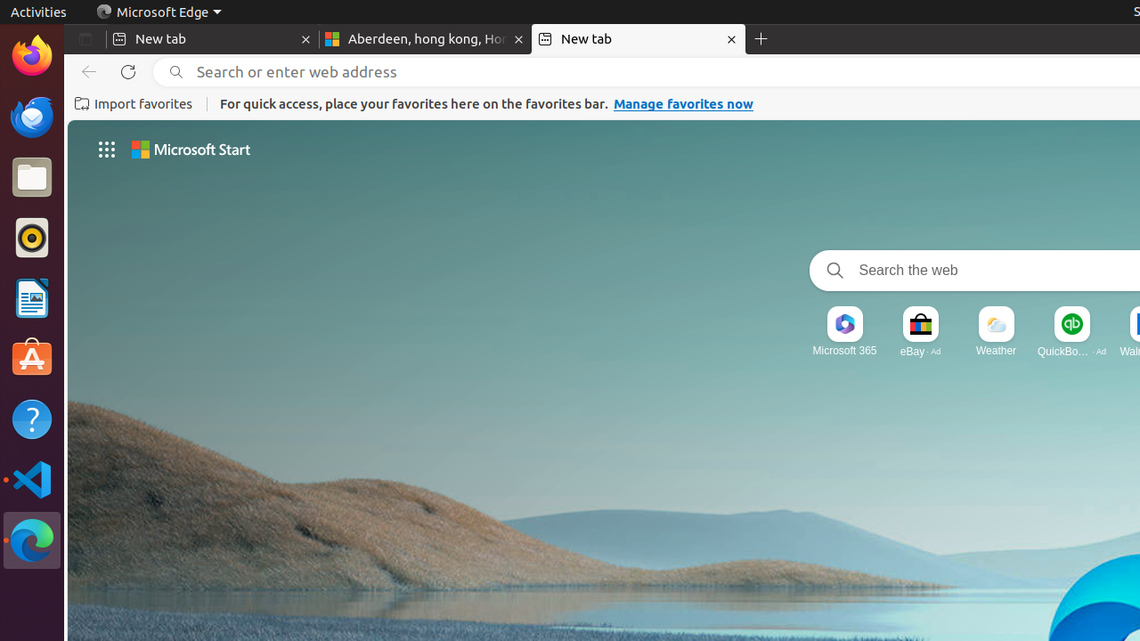  I want to click on 'Weather', so click(995, 350).